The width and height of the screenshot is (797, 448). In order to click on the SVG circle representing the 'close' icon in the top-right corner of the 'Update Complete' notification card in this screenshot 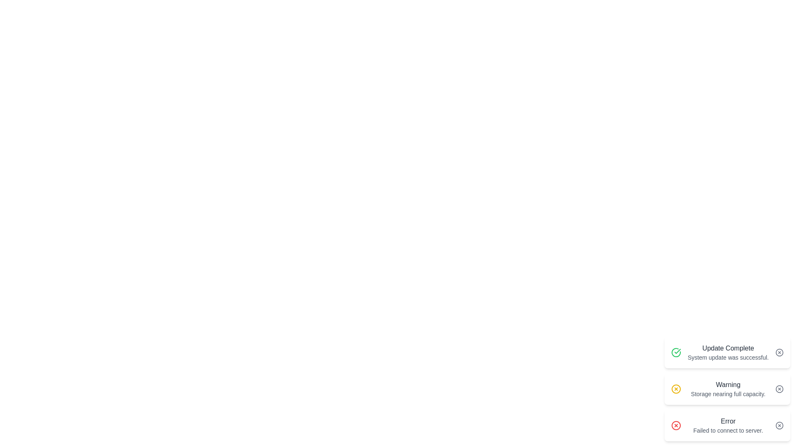, I will do `click(779, 352)`.